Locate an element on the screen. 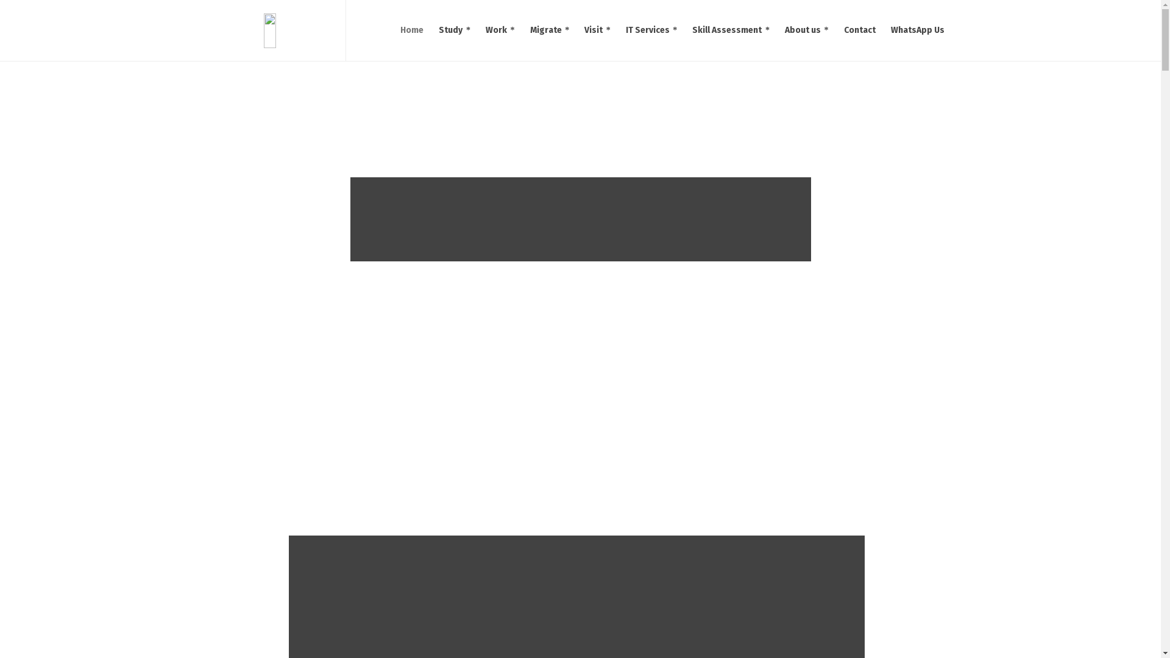 The image size is (1170, 658). 'Migrate' is located at coordinates (549, 30).